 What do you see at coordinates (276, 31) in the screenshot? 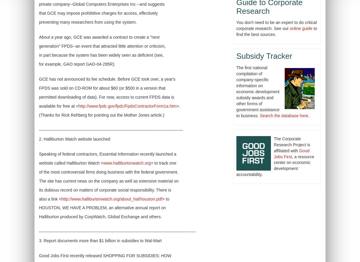
I see `'to find the best sources.'` at bounding box center [276, 31].